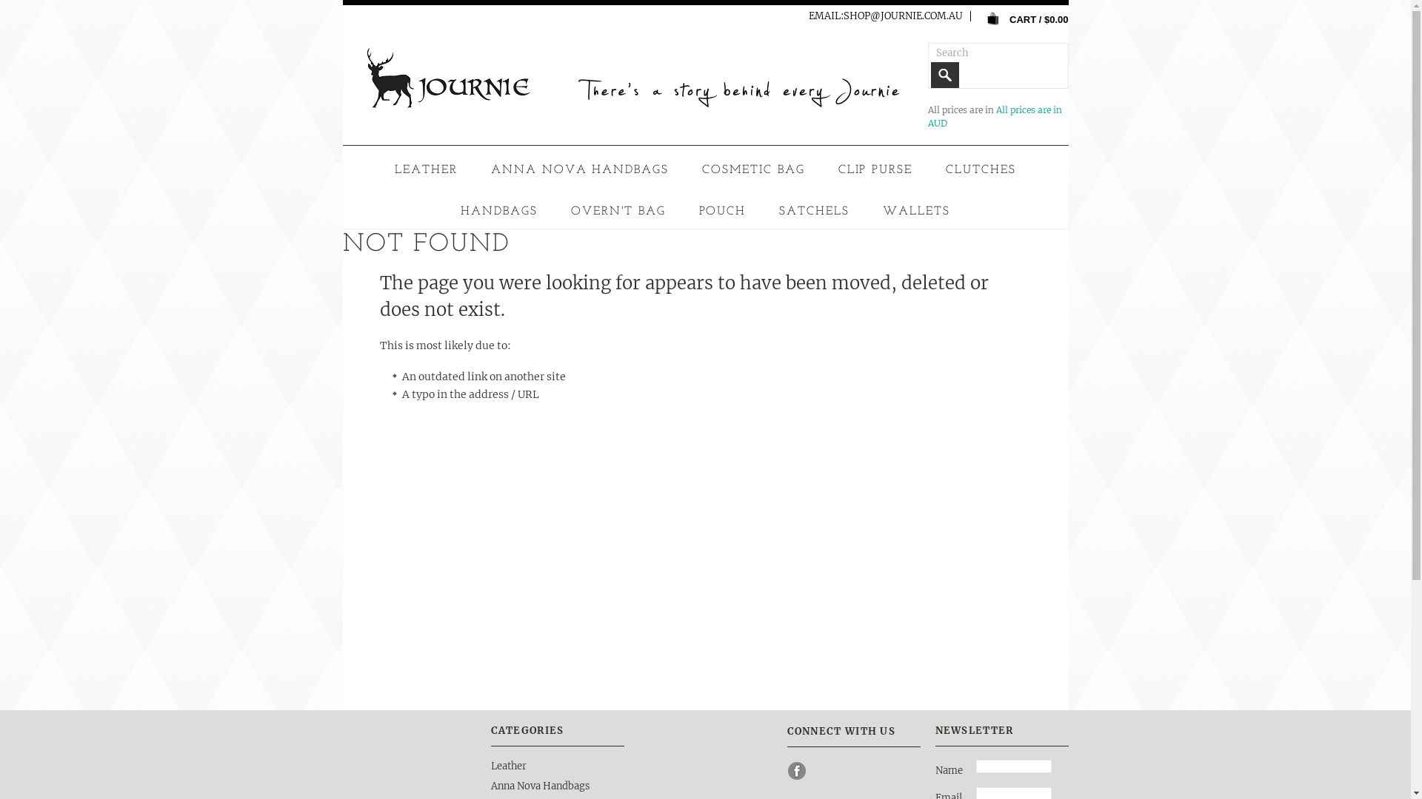 The width and height of the screenshot is (1422, 799). I want to click on 'Facebook', so click(795, 769).